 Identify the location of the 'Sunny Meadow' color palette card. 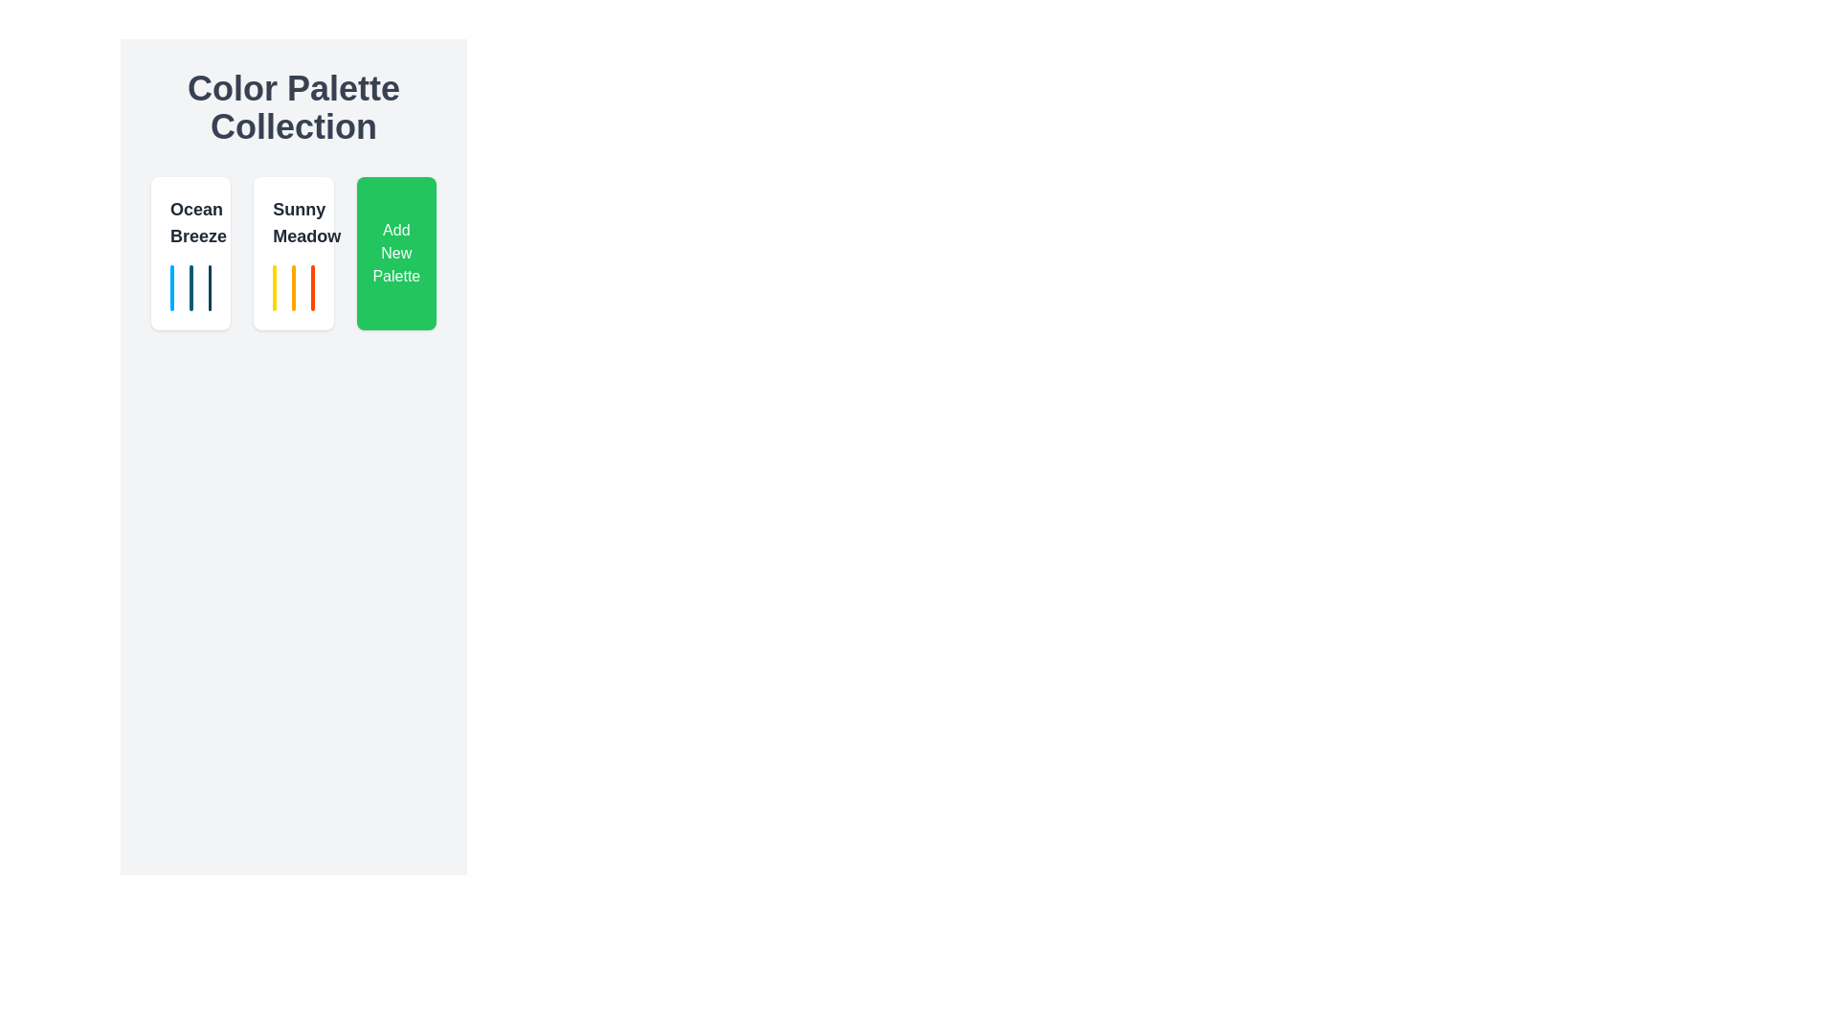
(293, 253).